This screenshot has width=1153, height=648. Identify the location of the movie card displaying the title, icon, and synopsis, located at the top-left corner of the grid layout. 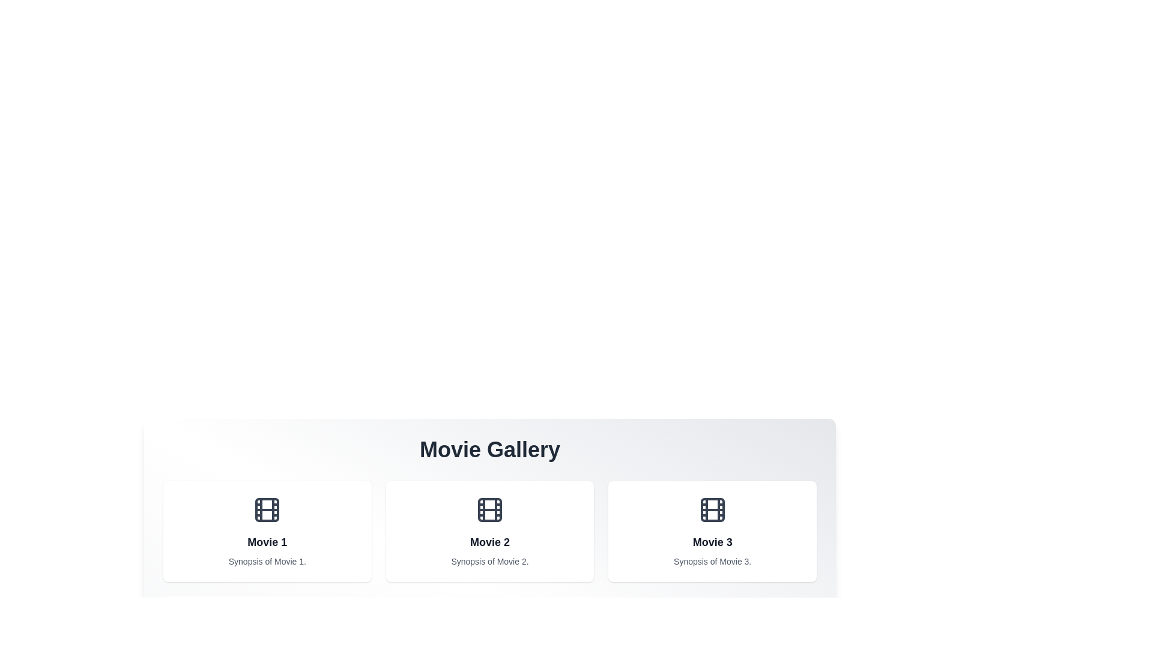
(267, 531).